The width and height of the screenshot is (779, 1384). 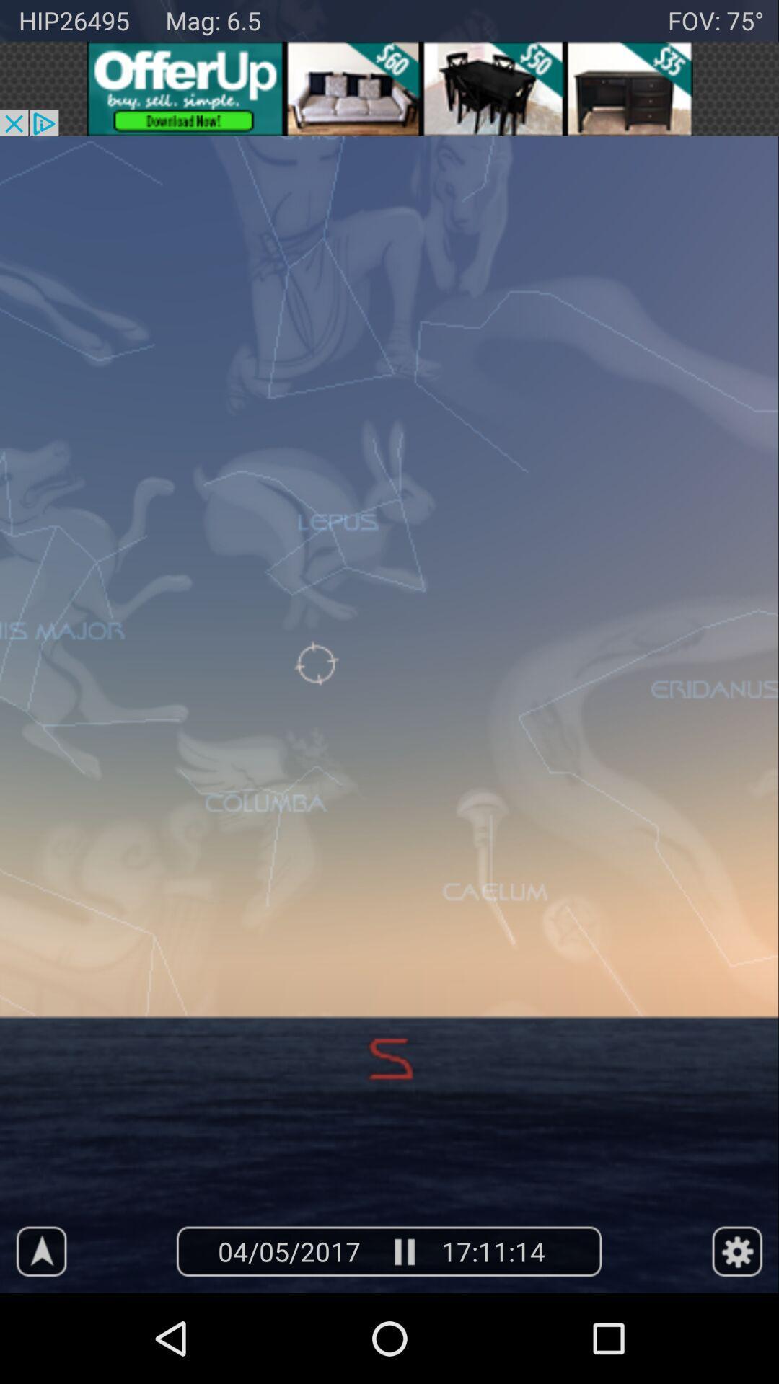 What do you see at coordinates (389, 88) in the screenshot?
I see `open advertisement` at bounding box center [389, 88].